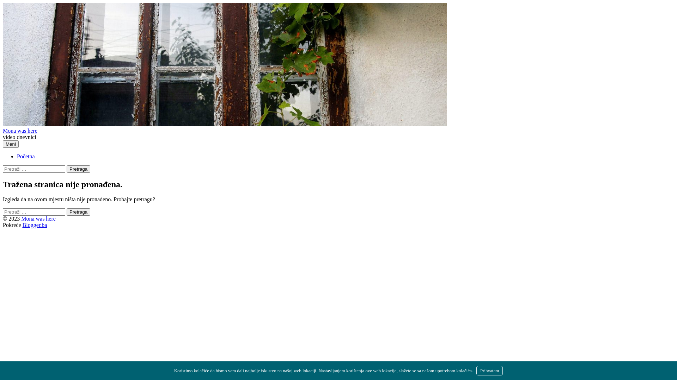 This screenshot has width=677, height=380. Describe the element at coordinates (489, 370) in the screenshot. I see `'Prihvatam'` at that location.